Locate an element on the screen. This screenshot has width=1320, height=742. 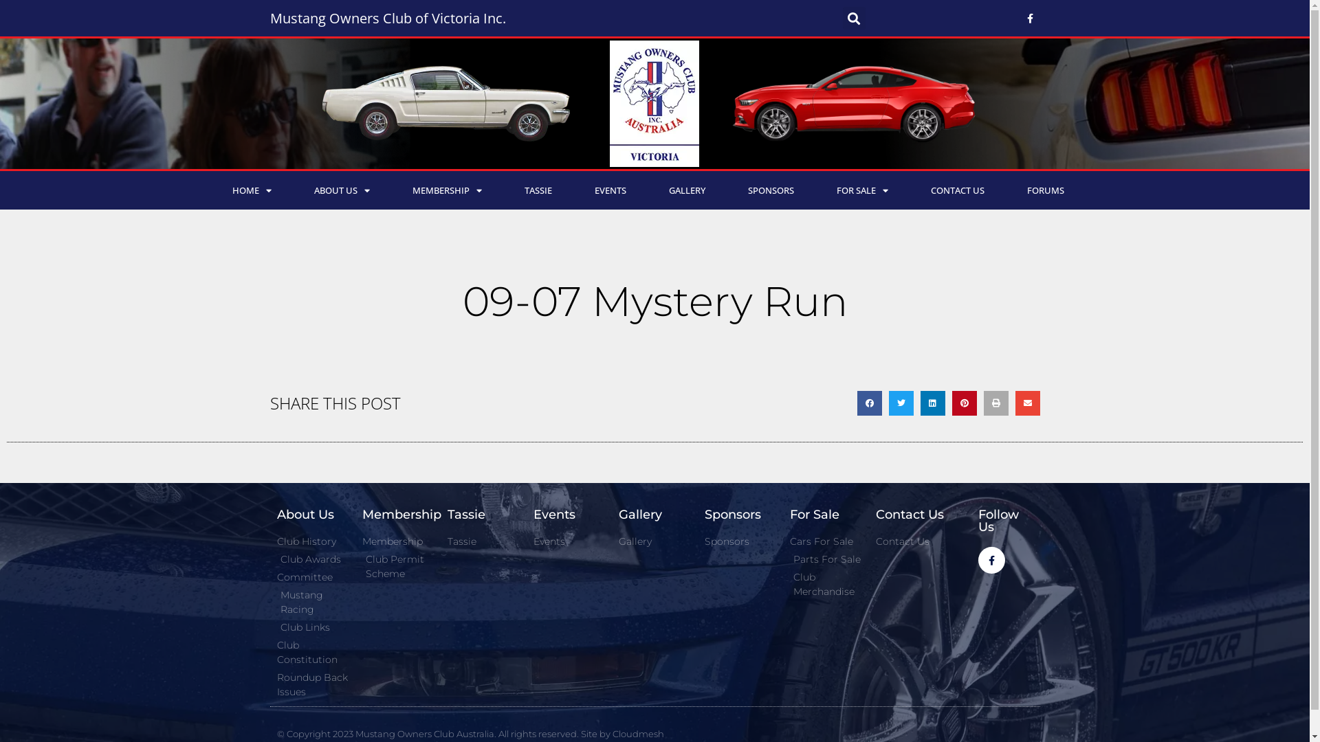
'mocavic_logo' is located at coordinates (653, 102).